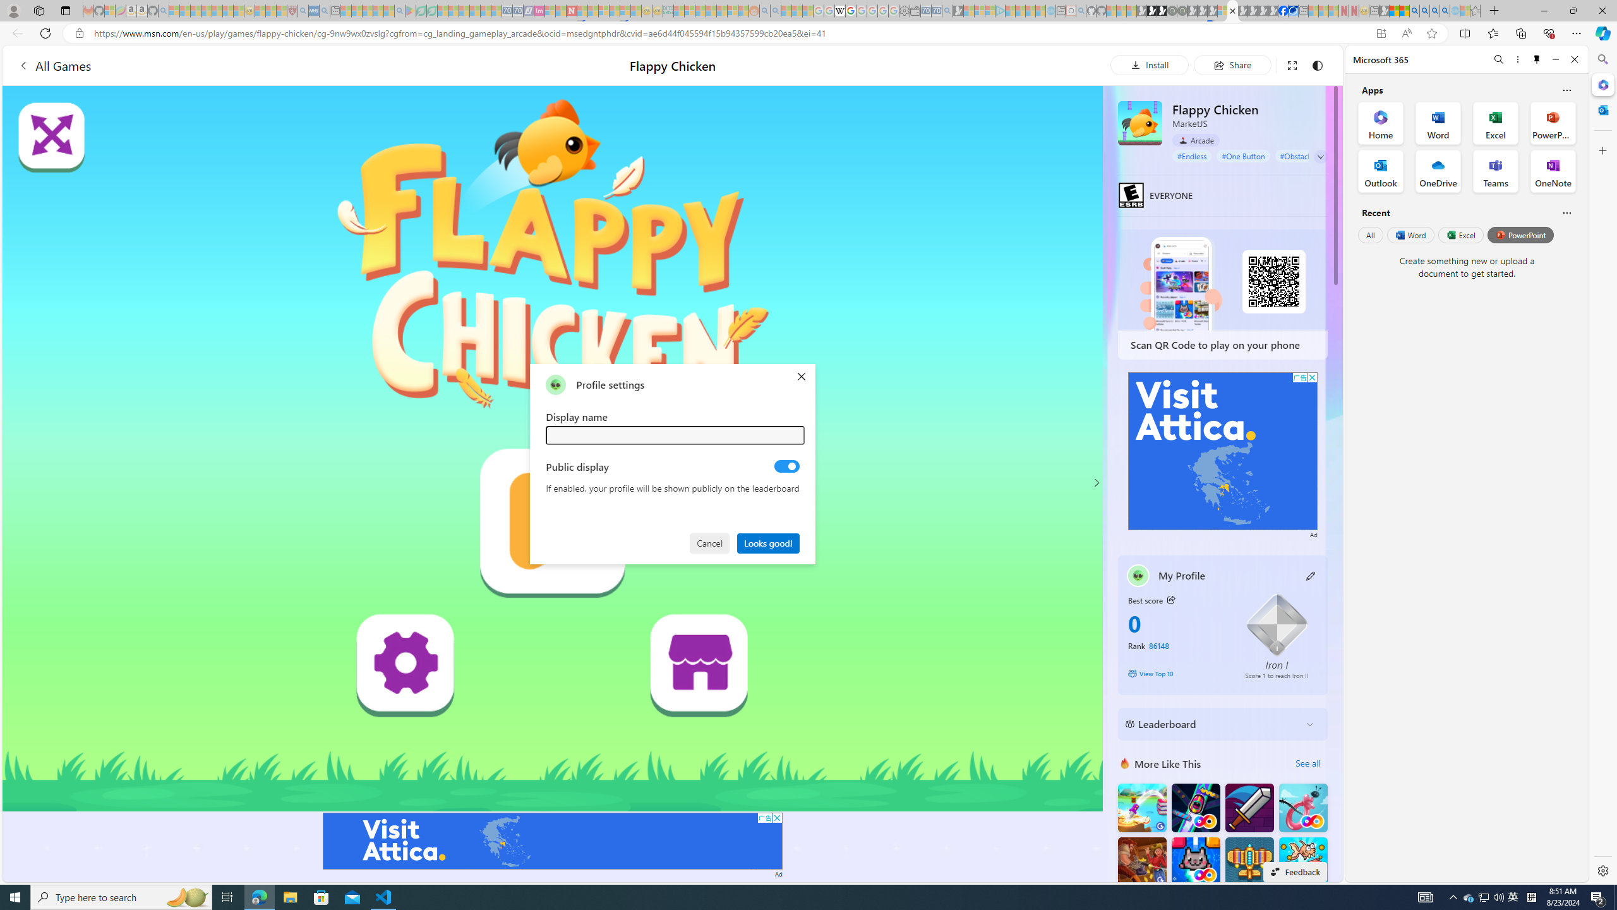 This screenshot has width=1617, height=910. Describe the element at coordinates (39, 10) in the screenshot. I see `'Workspaces'` at that location.